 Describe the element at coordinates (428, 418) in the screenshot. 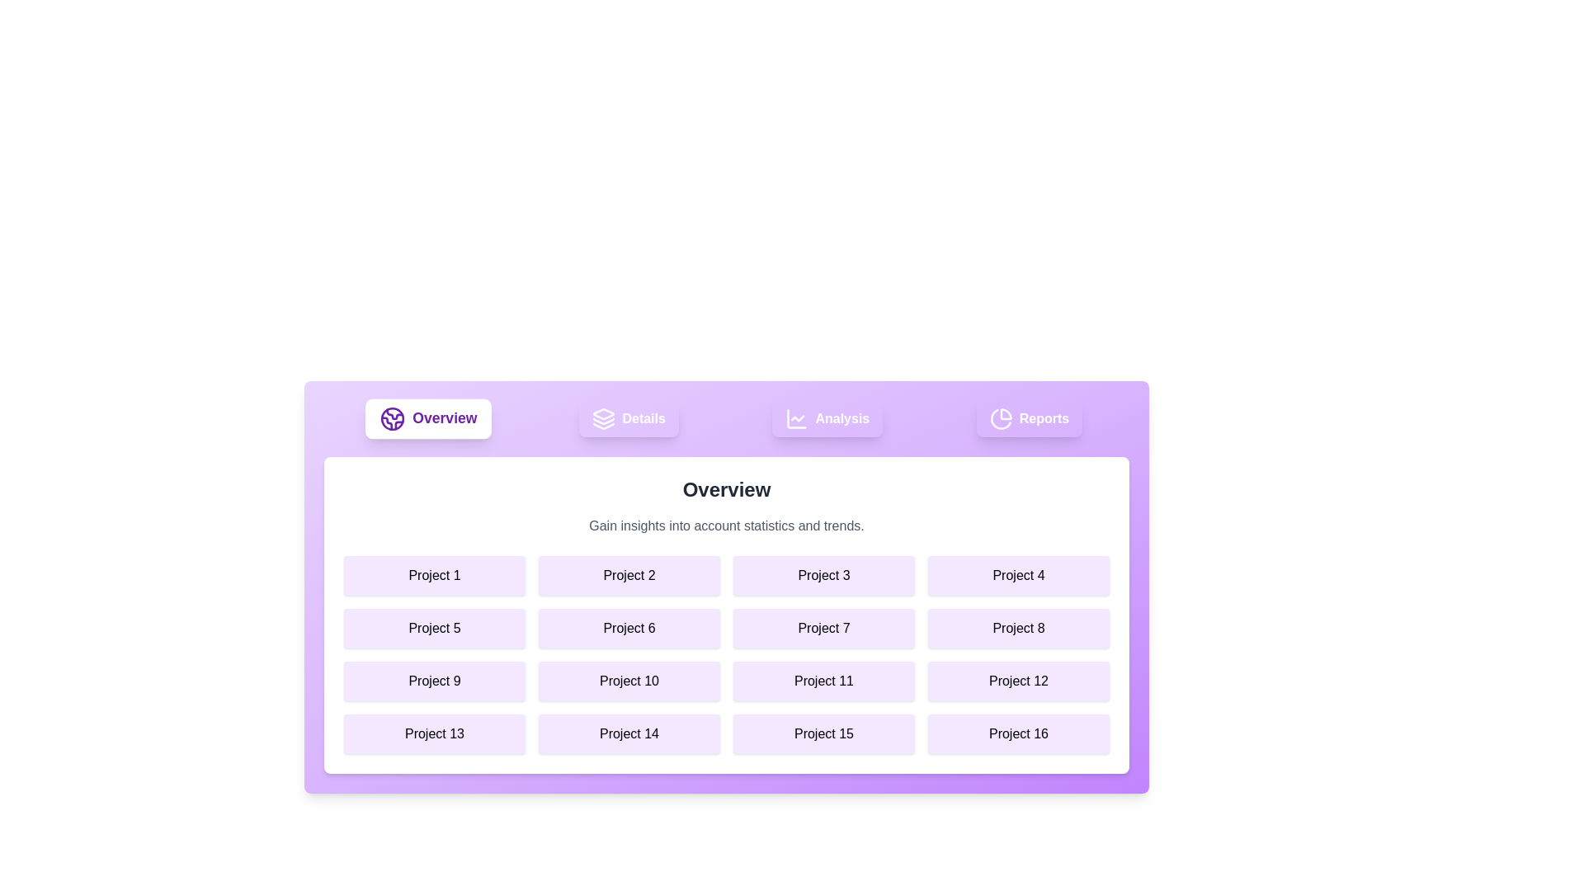

I see `the Overview tab by clicking on its button` at that location.